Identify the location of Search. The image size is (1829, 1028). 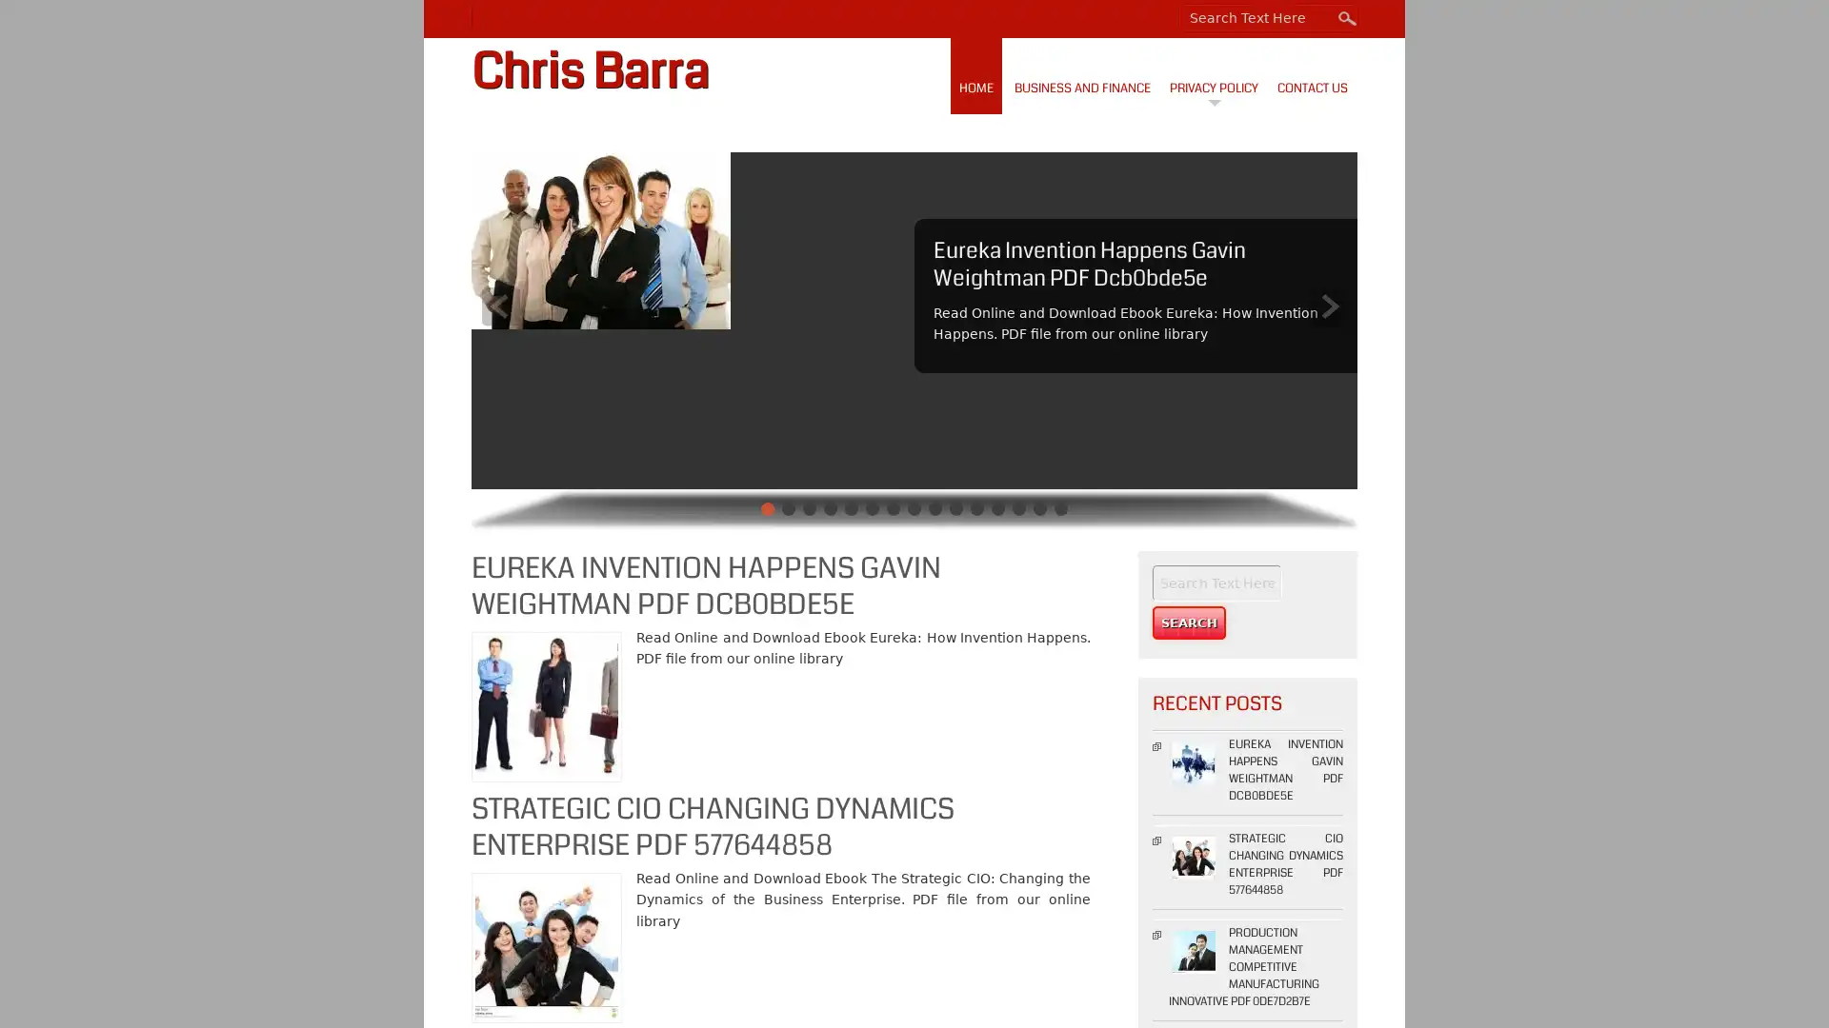
(1188, 623).